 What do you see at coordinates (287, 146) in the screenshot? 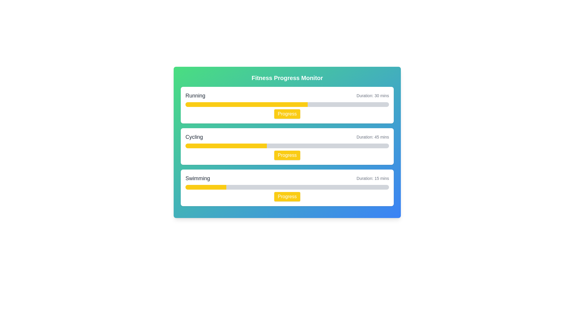
I see `the 'Progress' button on the second Information card in the Fitness Progress Monitor to interact with it` at bounding box center [287, 146].